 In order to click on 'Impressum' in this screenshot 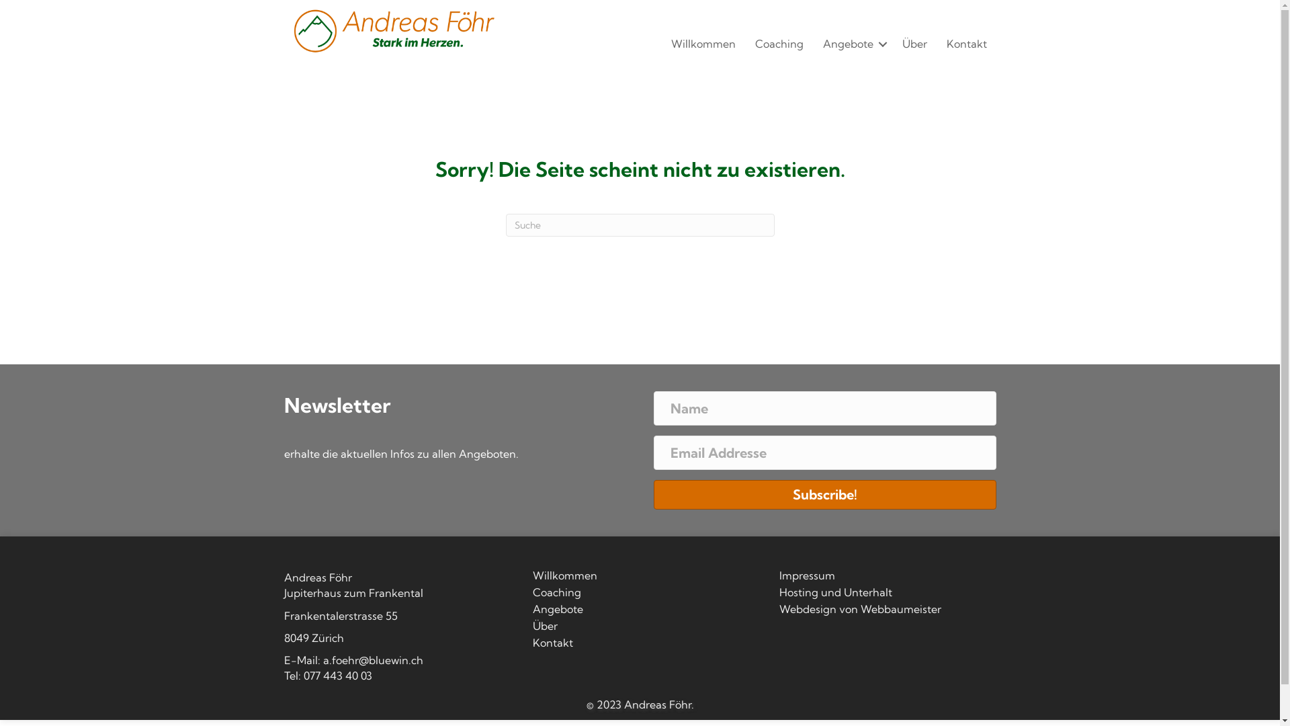, I will do `click(777, 577)`.